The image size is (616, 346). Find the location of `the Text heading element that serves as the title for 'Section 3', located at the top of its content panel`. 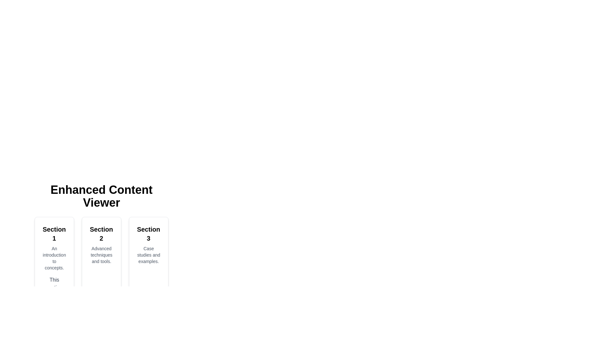

the Text heading element that serves as the title for 'Section 3', located at the top of its content panel is located at coordinates (148, 234).